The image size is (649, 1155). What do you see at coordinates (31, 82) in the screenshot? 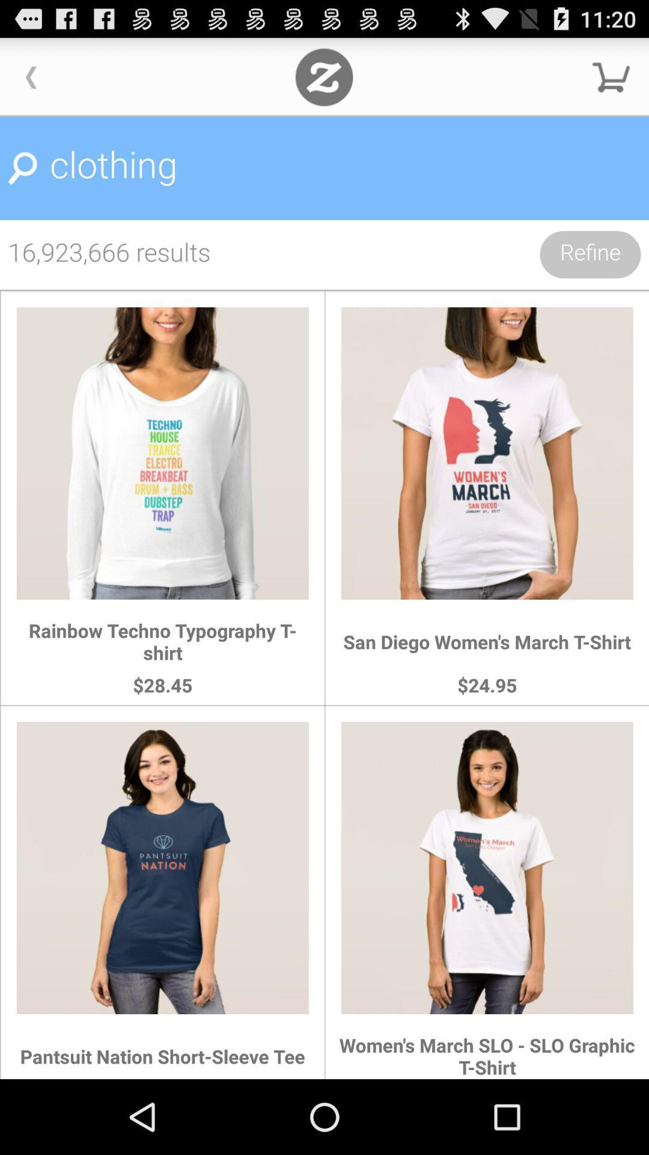
I see `the arrow_backward icon` at bounding box center [31, 82].